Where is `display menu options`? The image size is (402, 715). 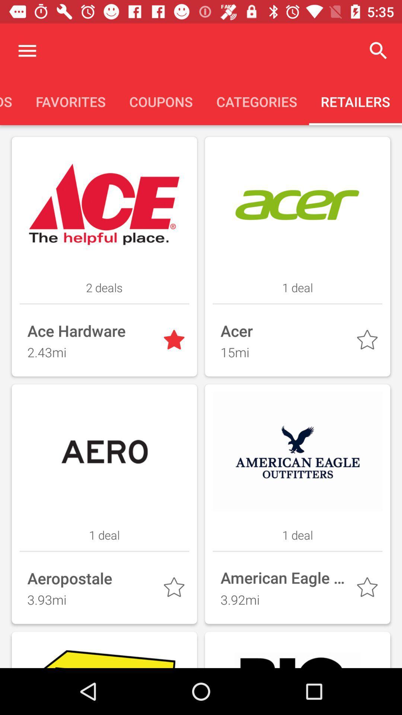 display menu options is located at coordinates (27, 50).